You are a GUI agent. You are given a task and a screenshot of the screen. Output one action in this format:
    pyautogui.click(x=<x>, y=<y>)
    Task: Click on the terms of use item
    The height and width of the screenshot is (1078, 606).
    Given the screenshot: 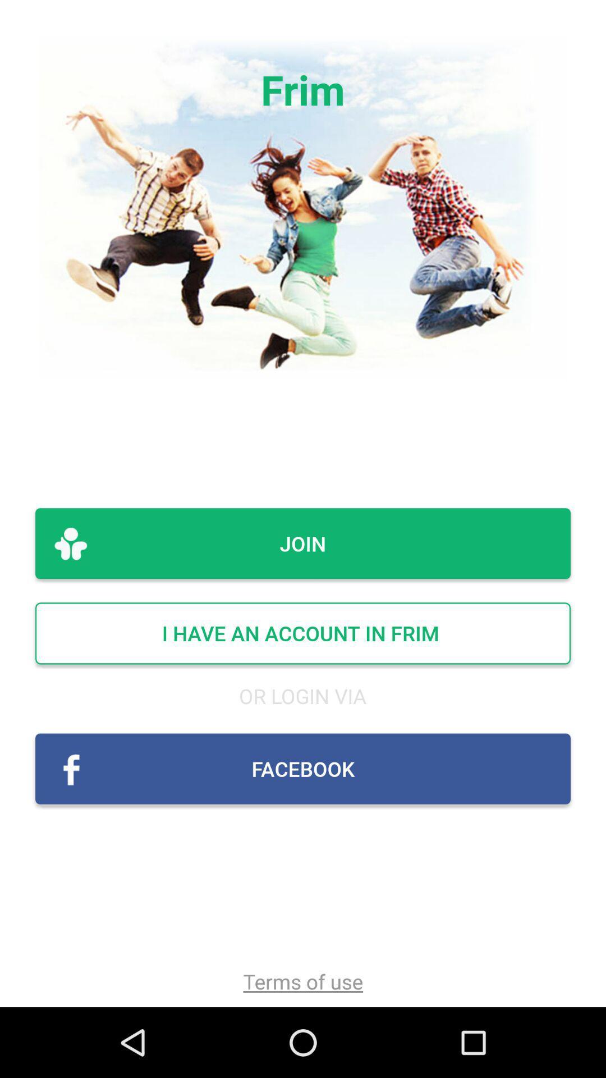 What is the action you would take?
    pyautogui.click(x=303, y=981)
    